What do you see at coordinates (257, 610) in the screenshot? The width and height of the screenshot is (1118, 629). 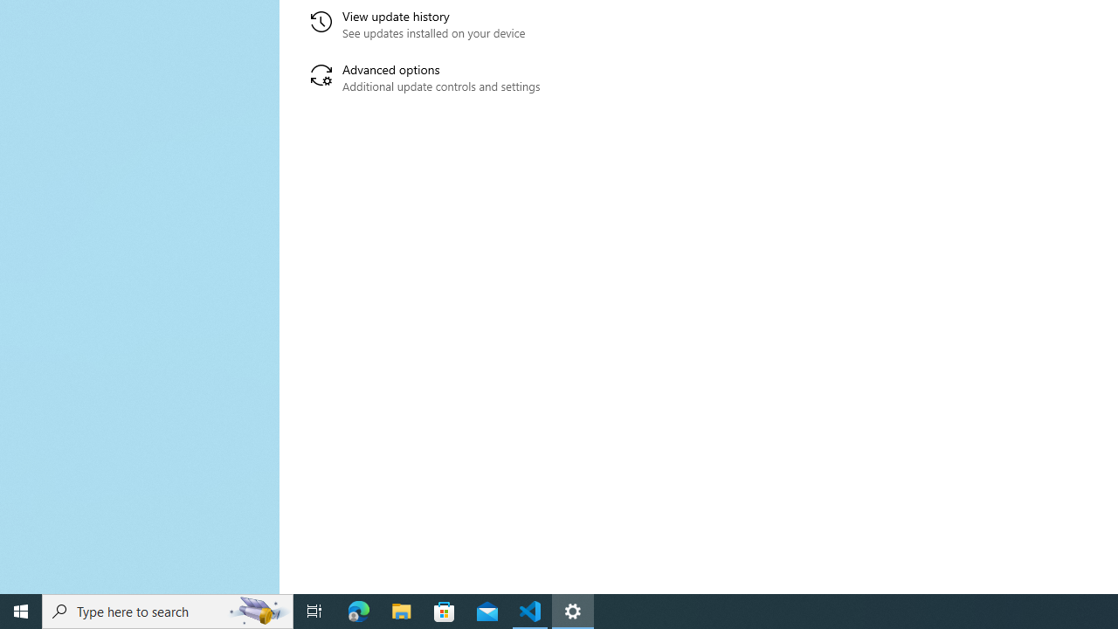 I see `'Search highlights icon opens search home window'` at bounding box center [257, 610].